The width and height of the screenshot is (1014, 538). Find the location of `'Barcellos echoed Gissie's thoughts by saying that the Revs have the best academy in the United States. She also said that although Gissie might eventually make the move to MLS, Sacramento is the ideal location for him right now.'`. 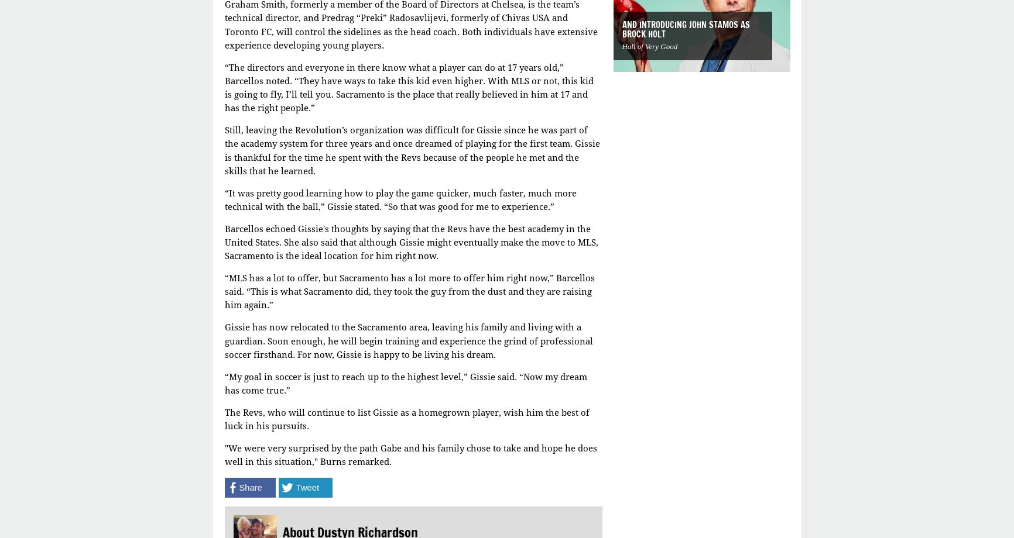

'Barcellos echoed Gissie's thoughts by saying that the Revs have the best academy in the United States. She also said that although Gissie might eventually make the move to MLS, Sacramento is the ideal location for him right now.' is located at coordinates (410, 242).